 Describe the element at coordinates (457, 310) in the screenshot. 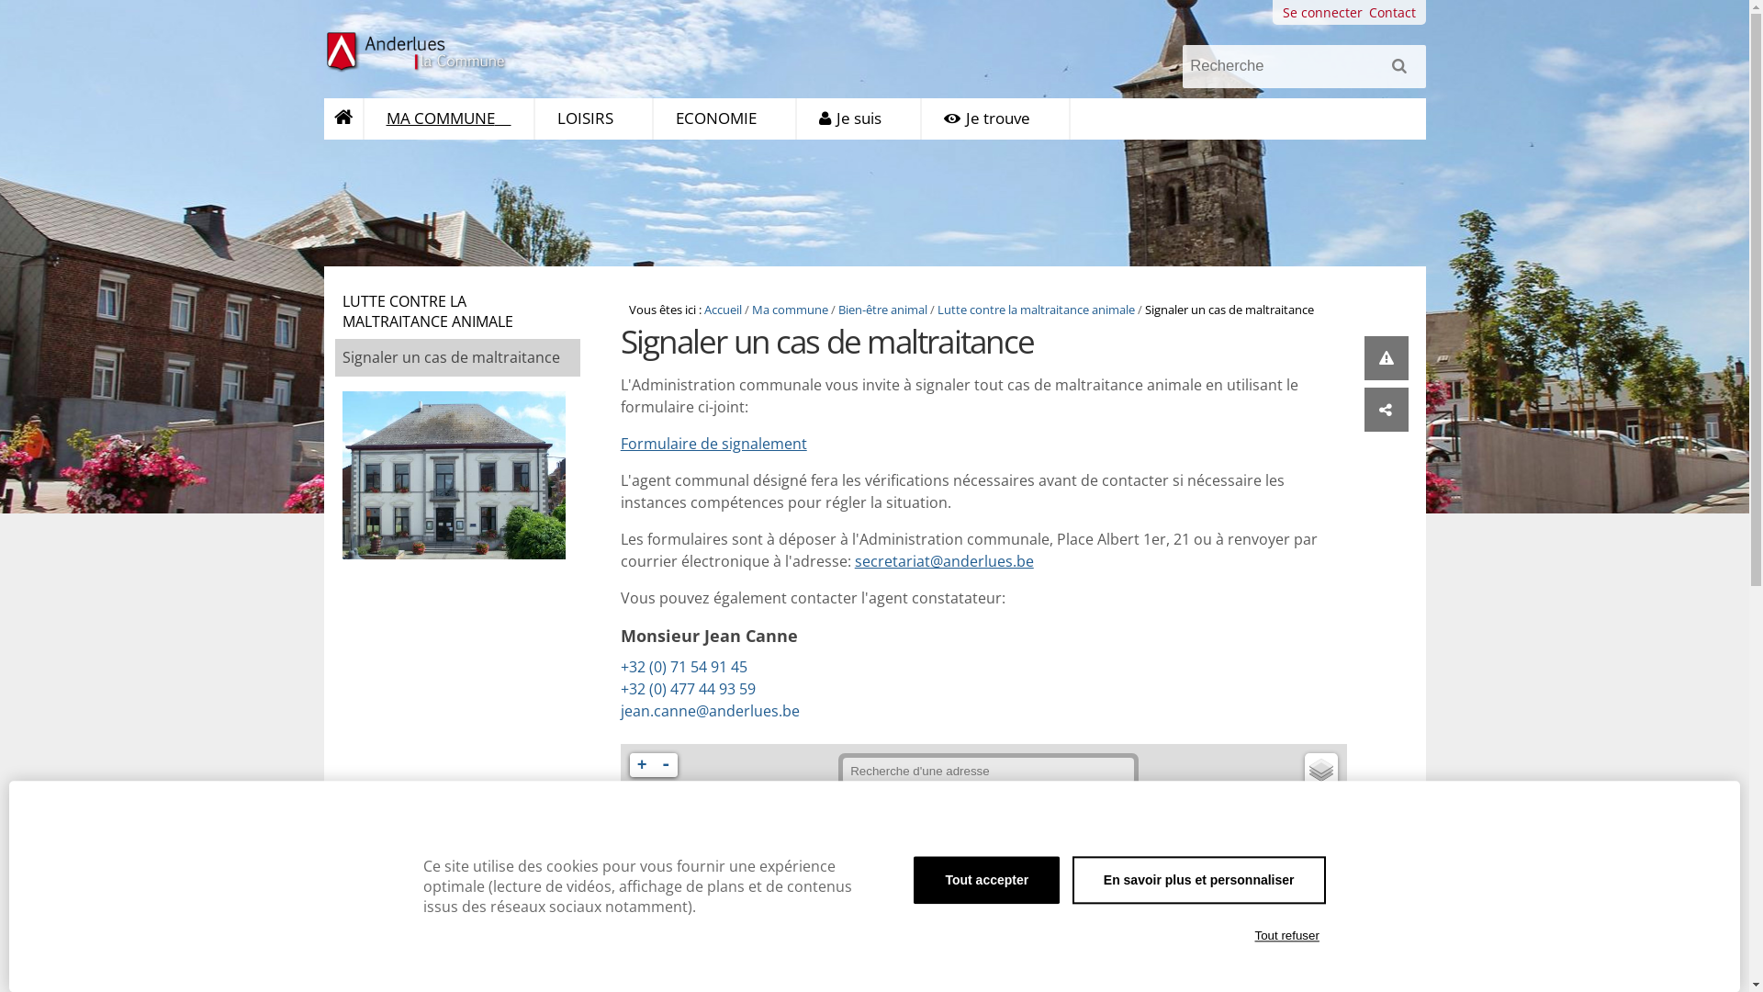

I see `'LUTTE CONTRE LA MALTRAITANCE ANIMALE'` at that location.